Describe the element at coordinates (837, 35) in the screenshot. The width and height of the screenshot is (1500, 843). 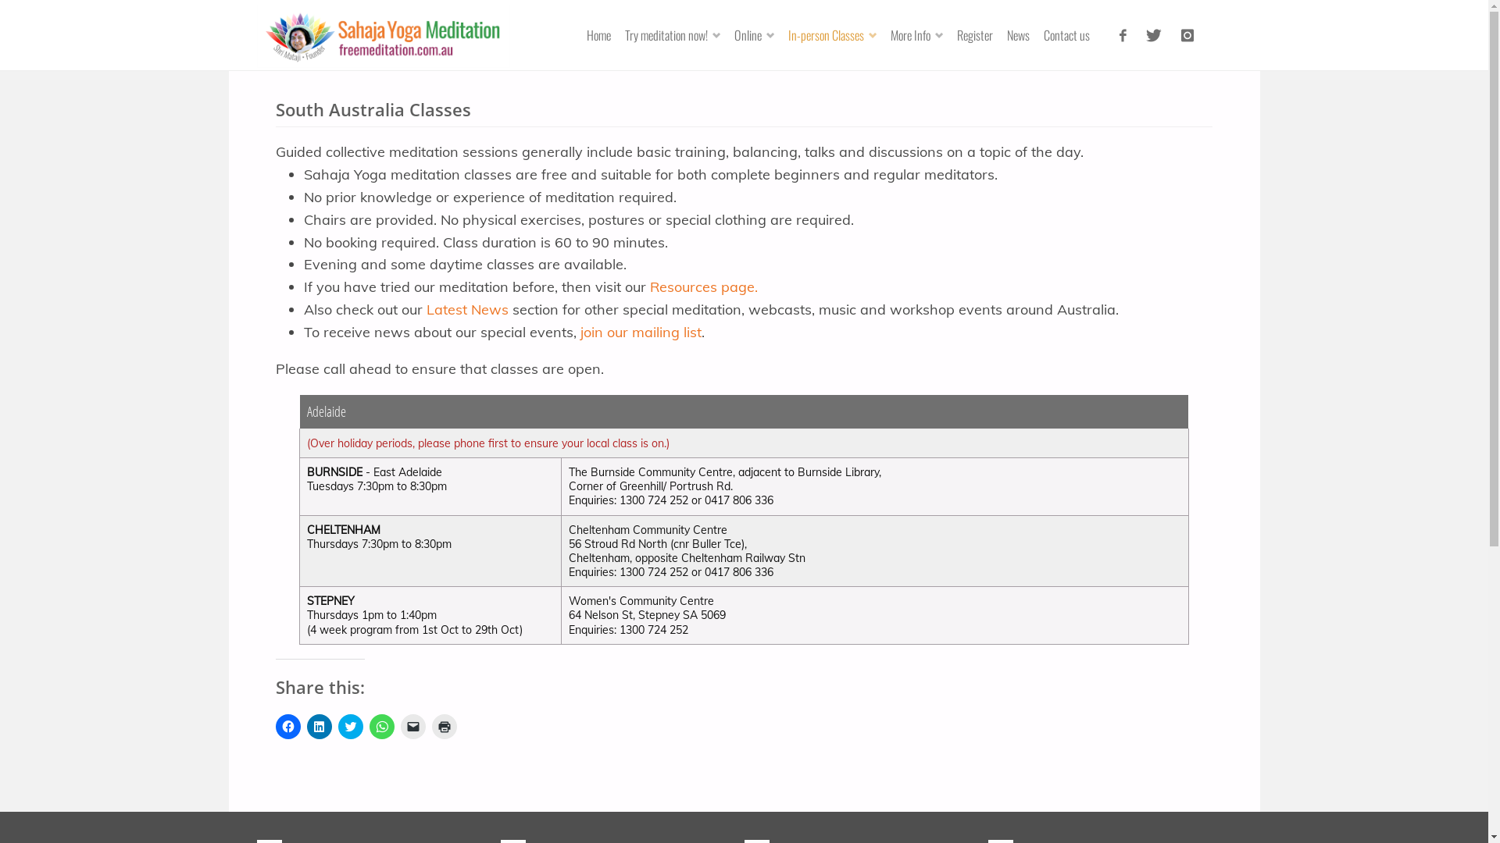
I see `'In-person Classes'` at that location.